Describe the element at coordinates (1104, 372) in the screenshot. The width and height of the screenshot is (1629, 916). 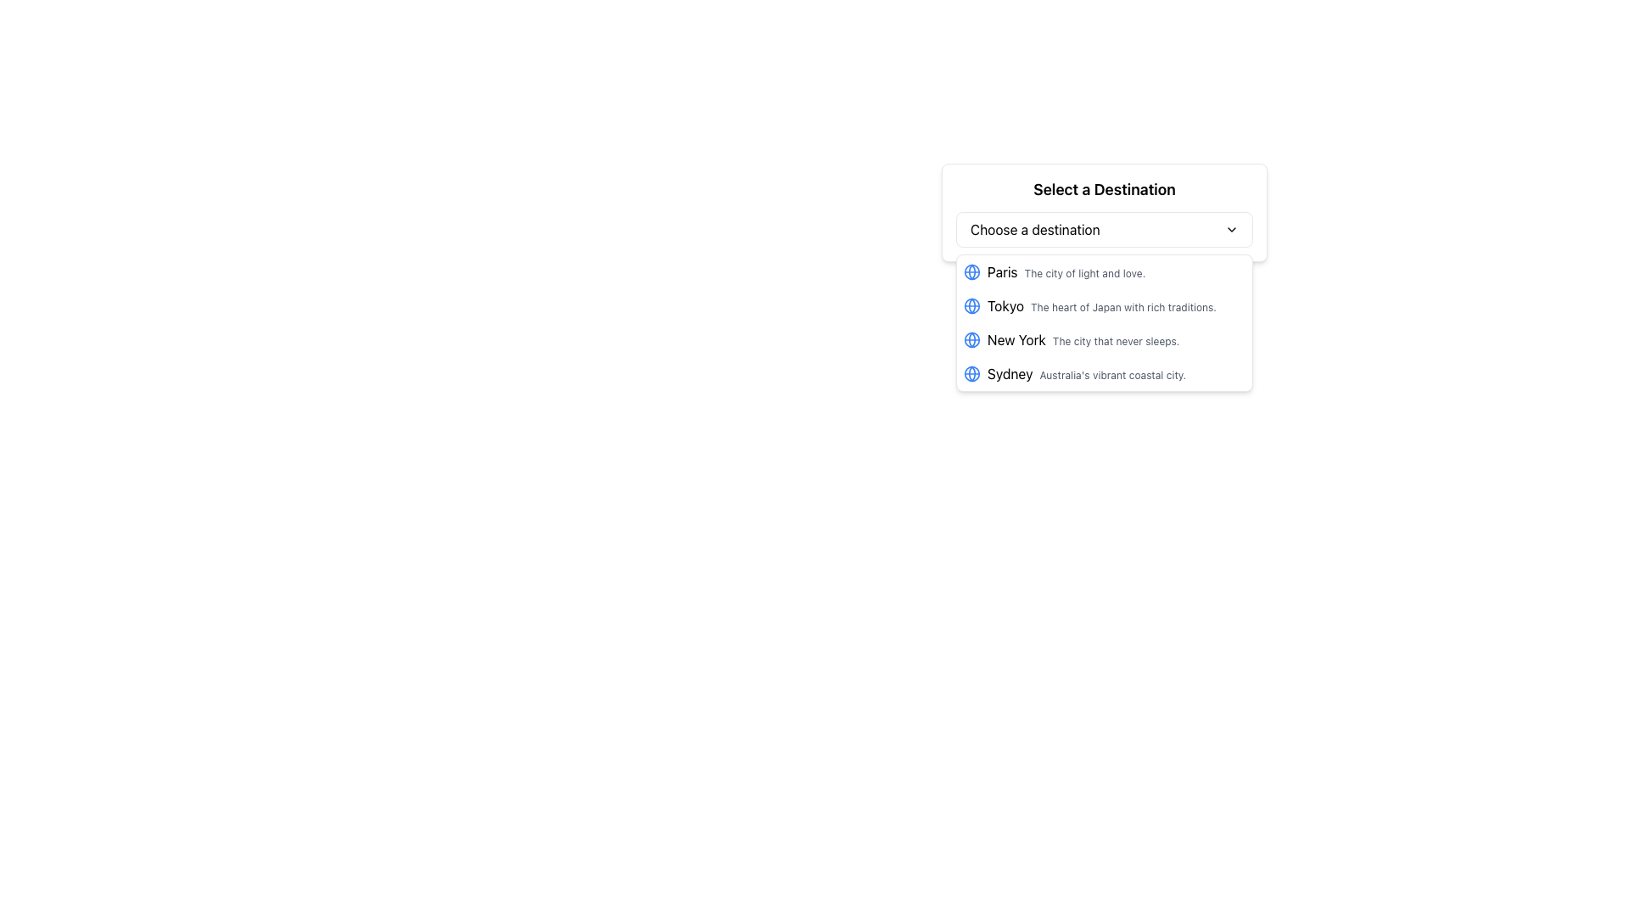
I see `to select the fourth option in the dropdown menu related to Sydney, located directly below 'New York'` at that location.